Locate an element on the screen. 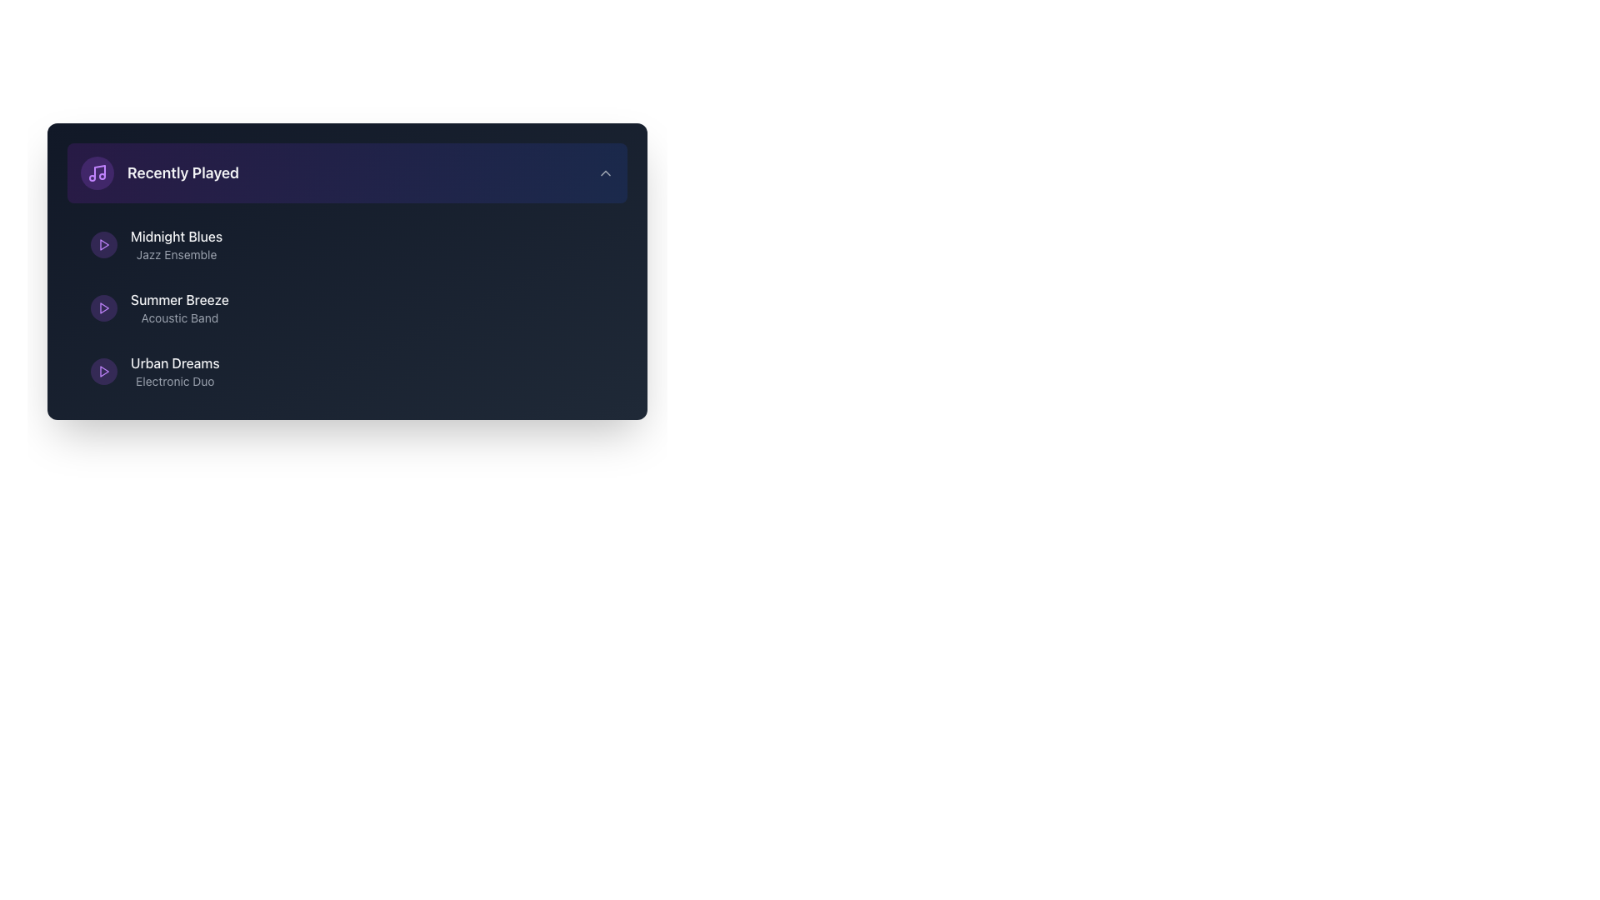  the 'Urban Dreams' link, which is the third item in the vertically-arranged list below 'Summer Breeze' is located at coordinates (155, 371).